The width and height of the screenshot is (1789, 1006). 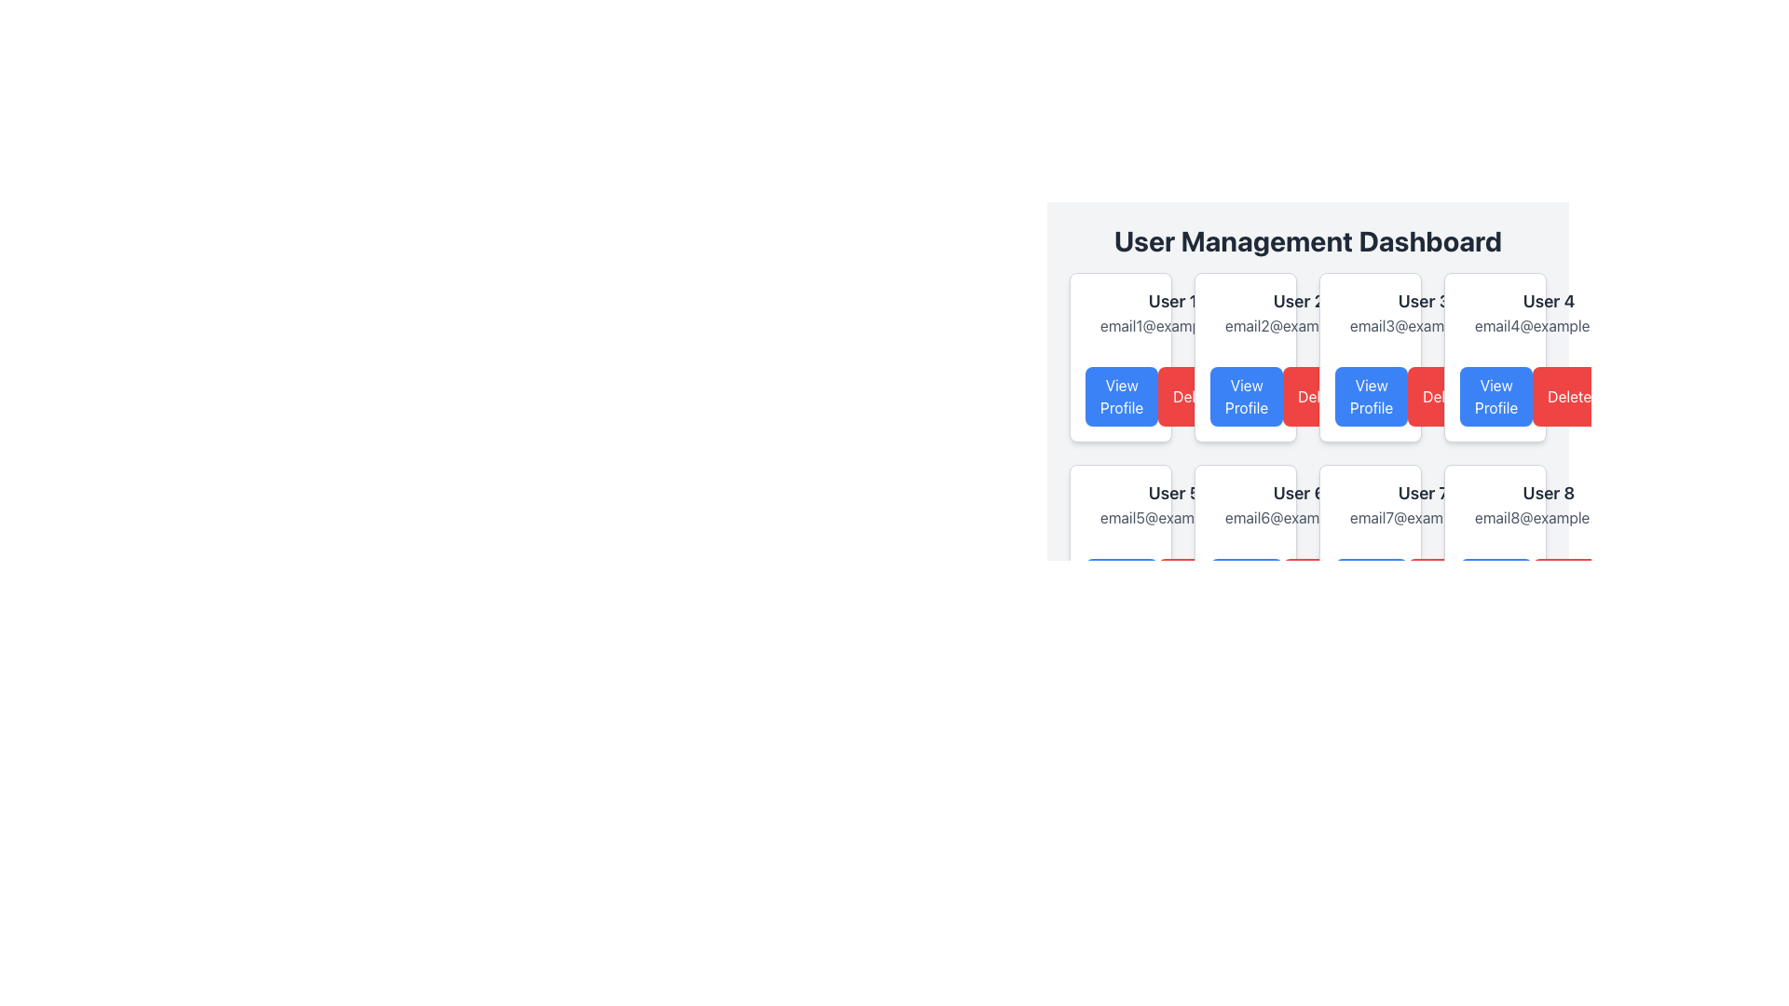 What do you see at coordinates (1549, 505) in the screenshot?
I see `the text display element showing 'User 8' and 'email8@example.com' in the user management interface under 'User Management Dashboard'` at bounding box center [1549, 505].